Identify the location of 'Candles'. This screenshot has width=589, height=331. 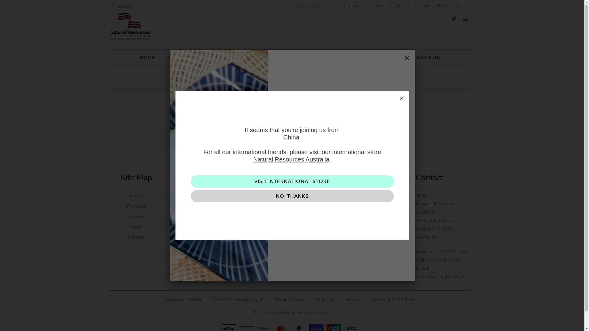
(198, 216).